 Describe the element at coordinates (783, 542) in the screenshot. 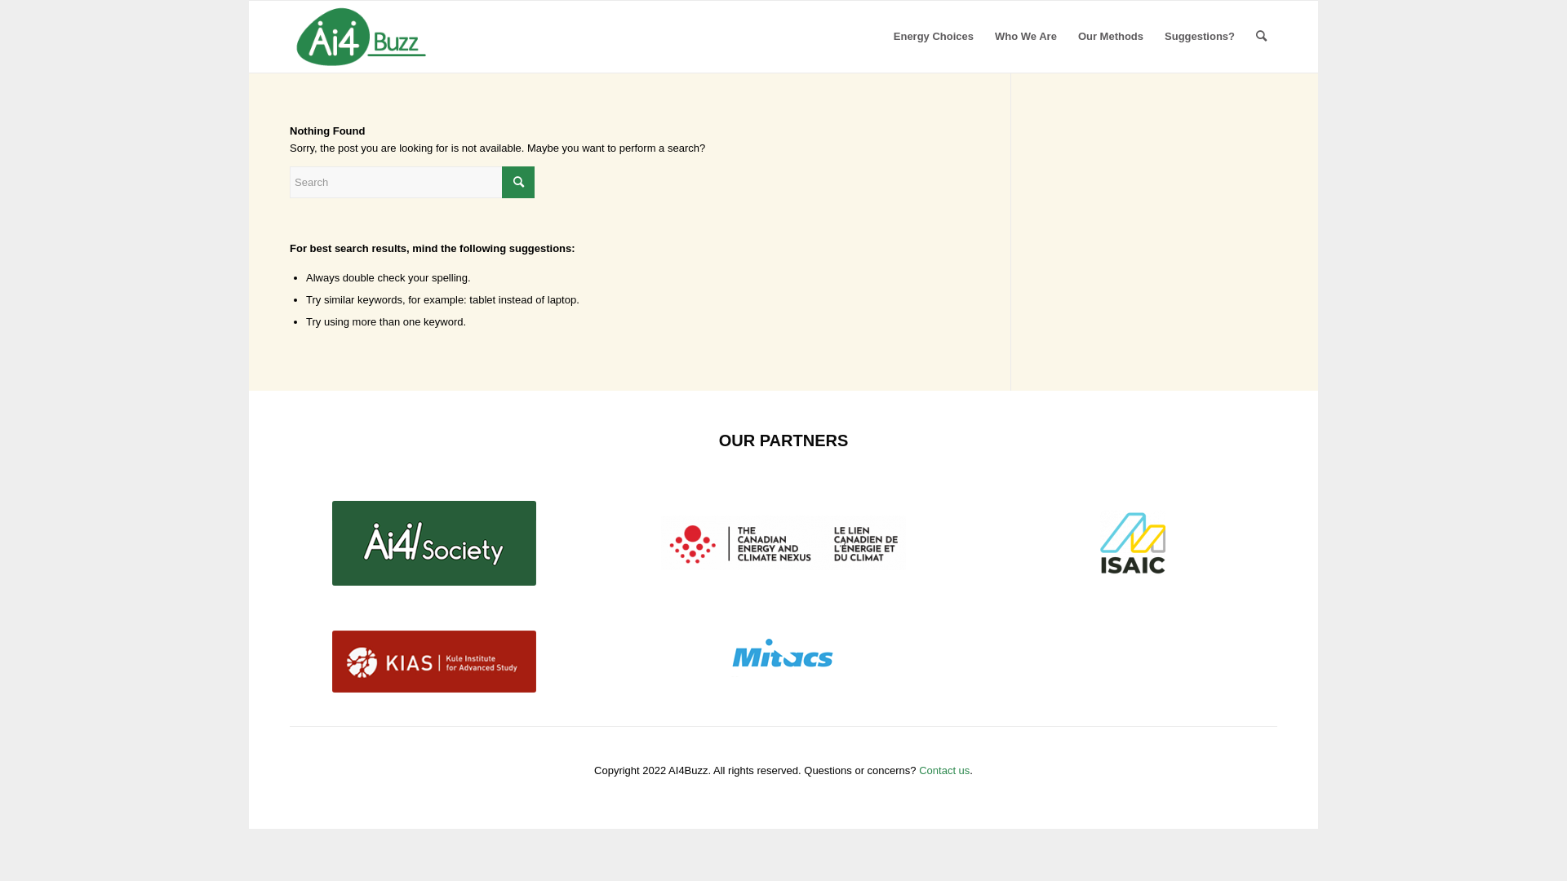

I see `'CECN_logo'` at that location.